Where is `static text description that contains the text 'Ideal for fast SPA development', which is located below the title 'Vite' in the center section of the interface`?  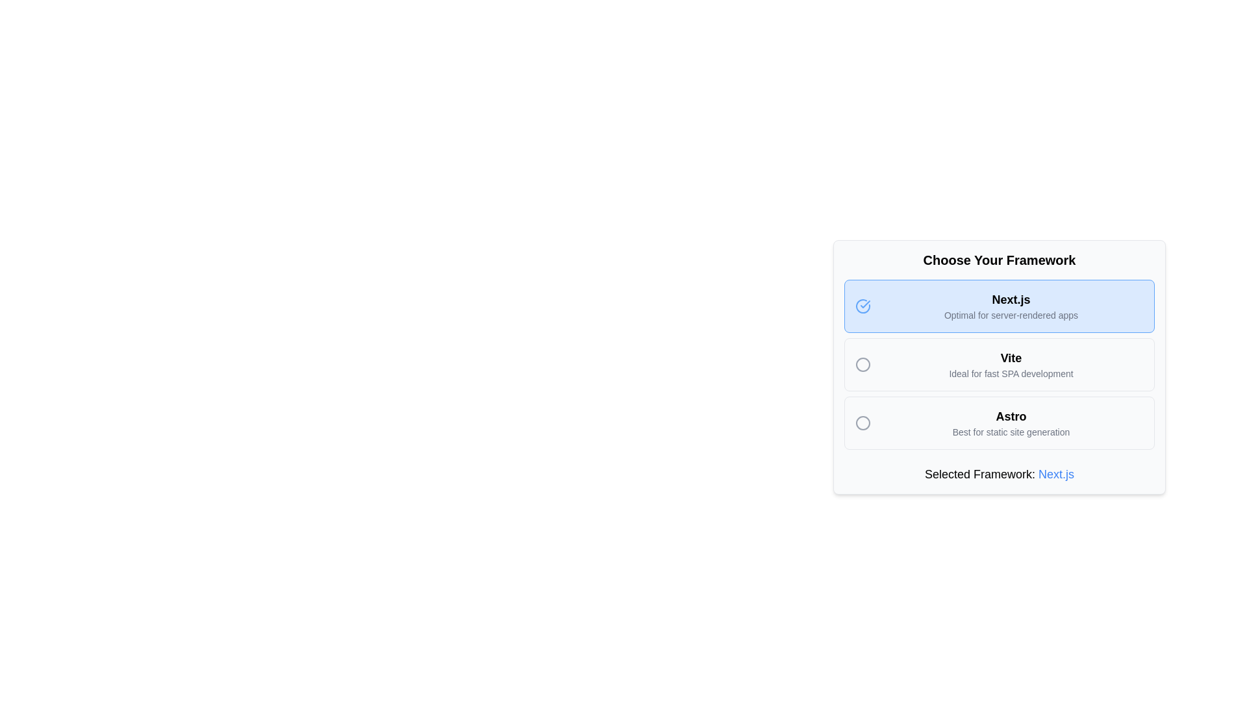
static text description that contains the text 'Ideal for fast SPA development', which is located below the title 'Vite' in the center section of the interface is located at coordinates (1010, 373).